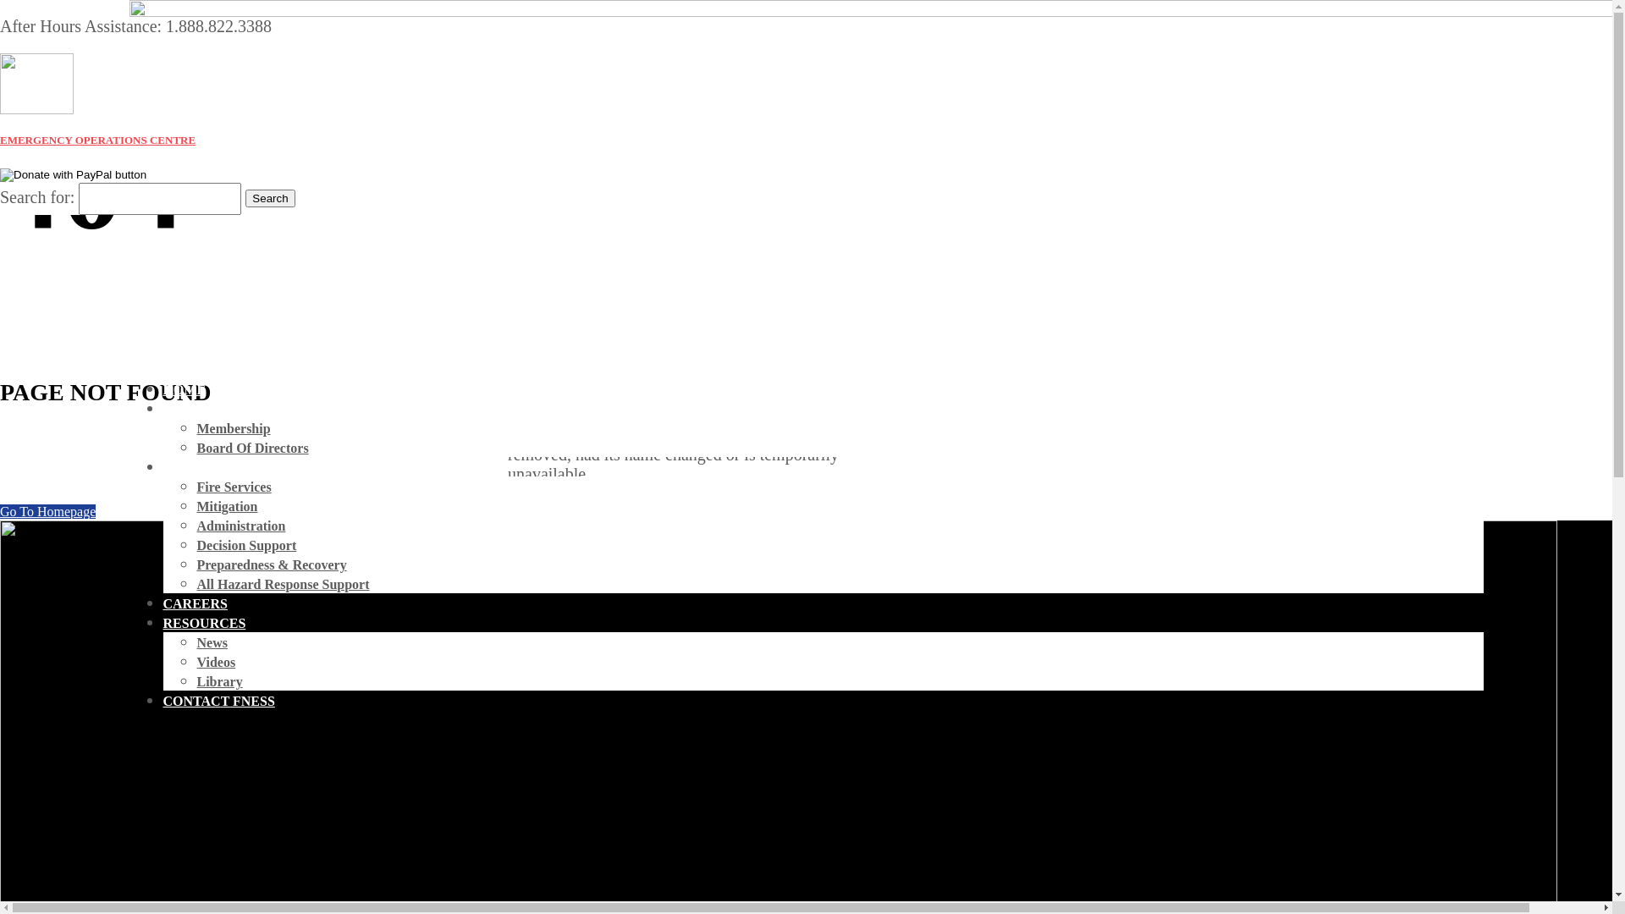 The width and height of the screenshot is (1625, 914). Describe the element at coordinates (184, 389) in the screenshot. I see `'HOME'` at that location.